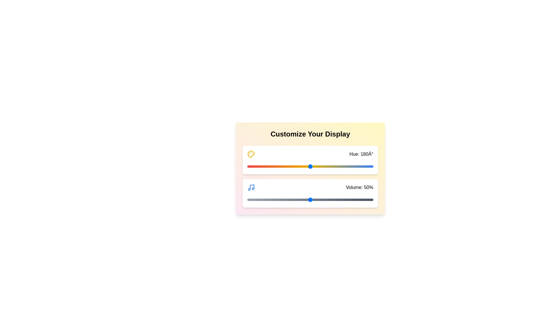 The image size is (560, 315). What do you see at coordinates (277, 199) in the screenshot?
I see `the volume slider to 24%` at bounding box center [277, 199].